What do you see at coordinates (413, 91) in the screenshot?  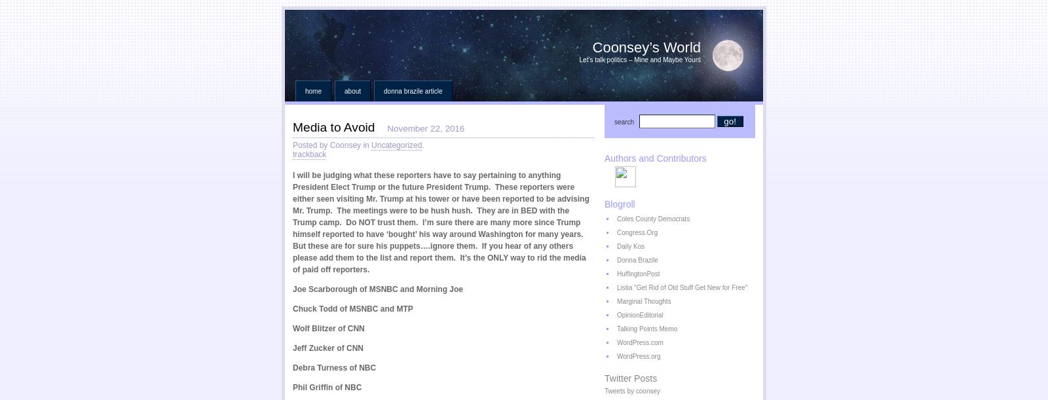 I see `'Donna Brazile Article'` at bounding box center [413, 91].